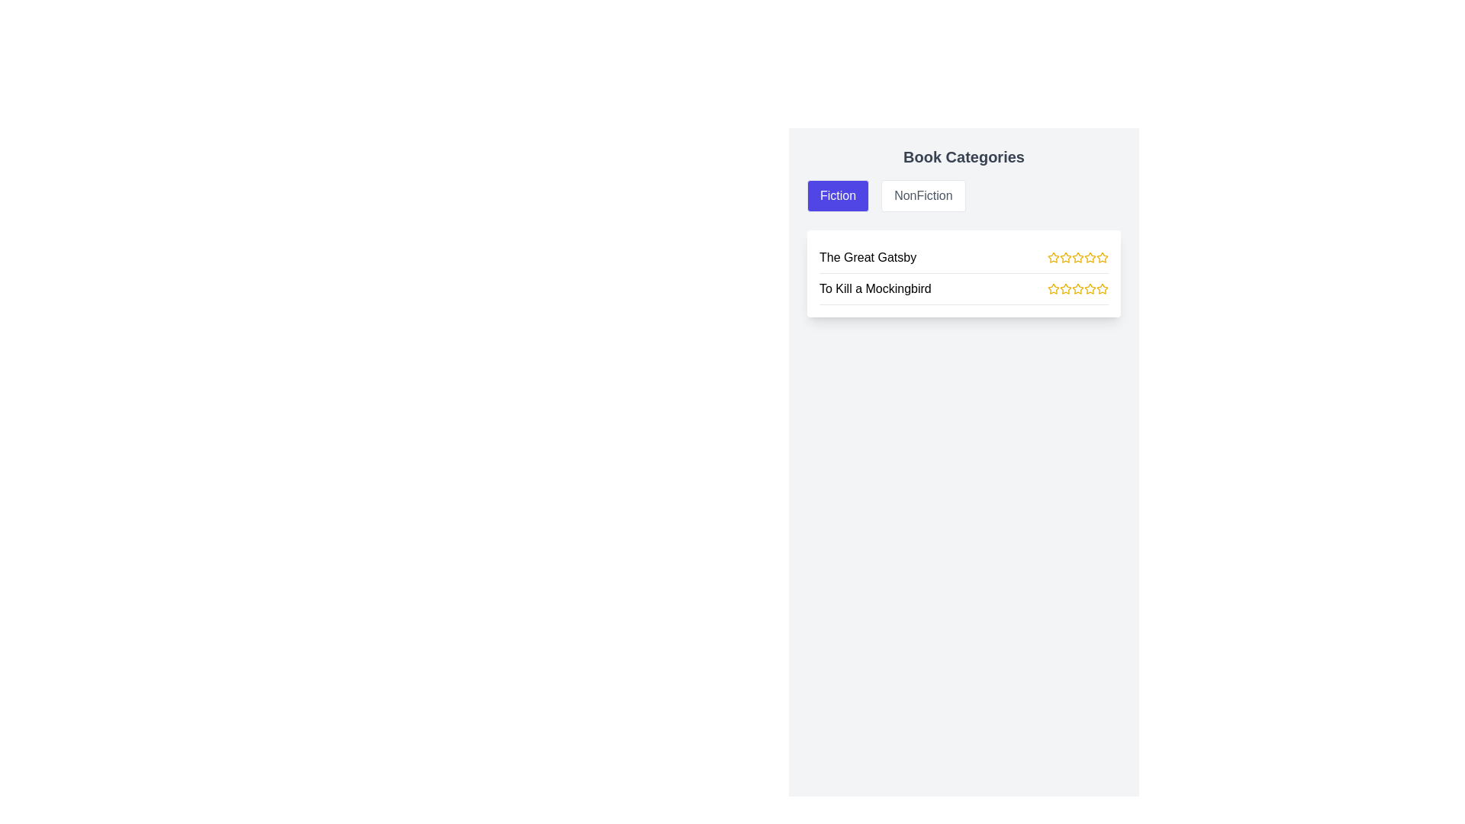 The width and height of the screenshot is (1465, 824). What do you see at coordinates (1077, 288) in the screenshot?
I see `the fourth yellow star-shaped rating icon associated with 'To Kill a Mockingbird' in the book list to enable interaction` at bounding box center [1077, 288].